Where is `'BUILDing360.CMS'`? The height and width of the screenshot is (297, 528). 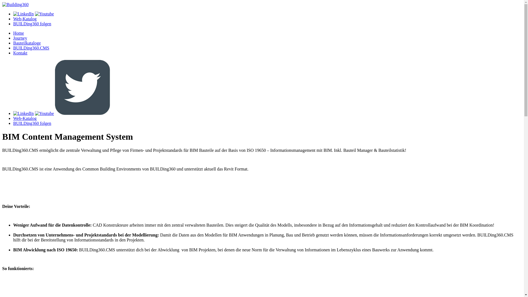
'BUILDing360.CMS' is located at coordinates (31, 48).